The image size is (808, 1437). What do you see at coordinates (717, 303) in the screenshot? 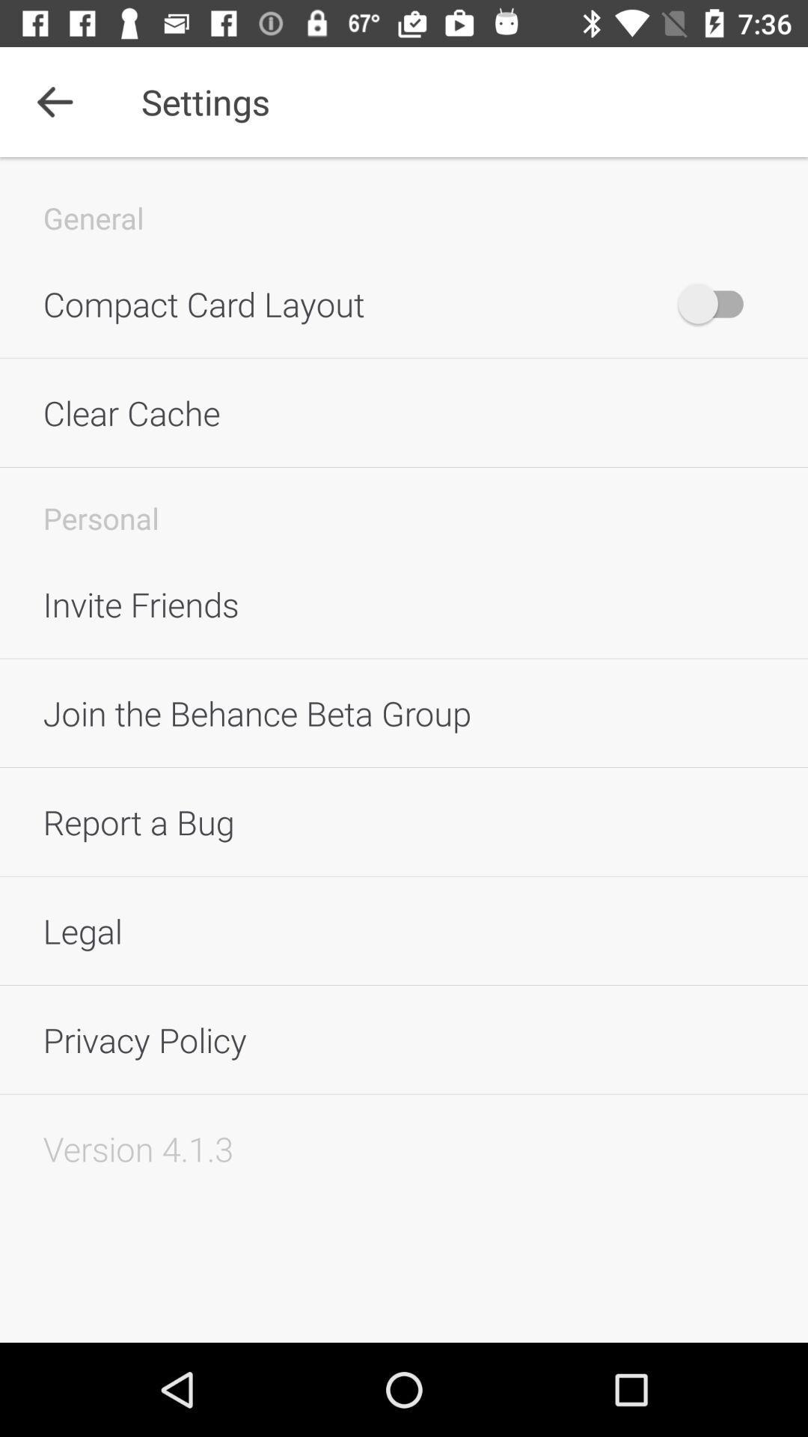
I see `activate compact card layout` at bounding box center [717, 303].